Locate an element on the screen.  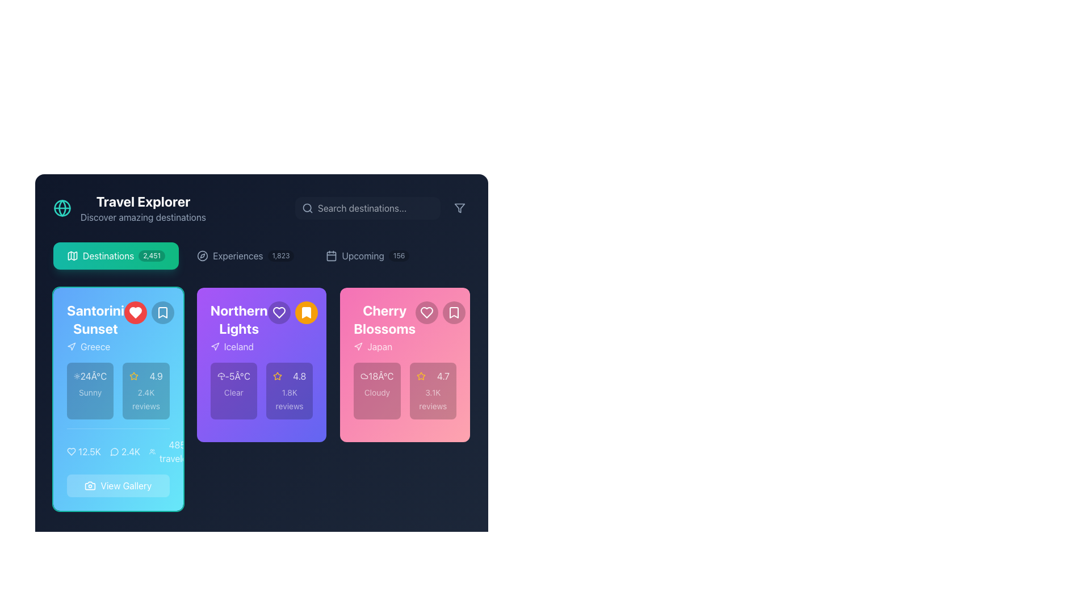
temperature information displayed as '24°C' in the text label on the blue background within the 'Santorini Sunset' card under the 'Travel Explorer' header is located at coordinates (93, 376).